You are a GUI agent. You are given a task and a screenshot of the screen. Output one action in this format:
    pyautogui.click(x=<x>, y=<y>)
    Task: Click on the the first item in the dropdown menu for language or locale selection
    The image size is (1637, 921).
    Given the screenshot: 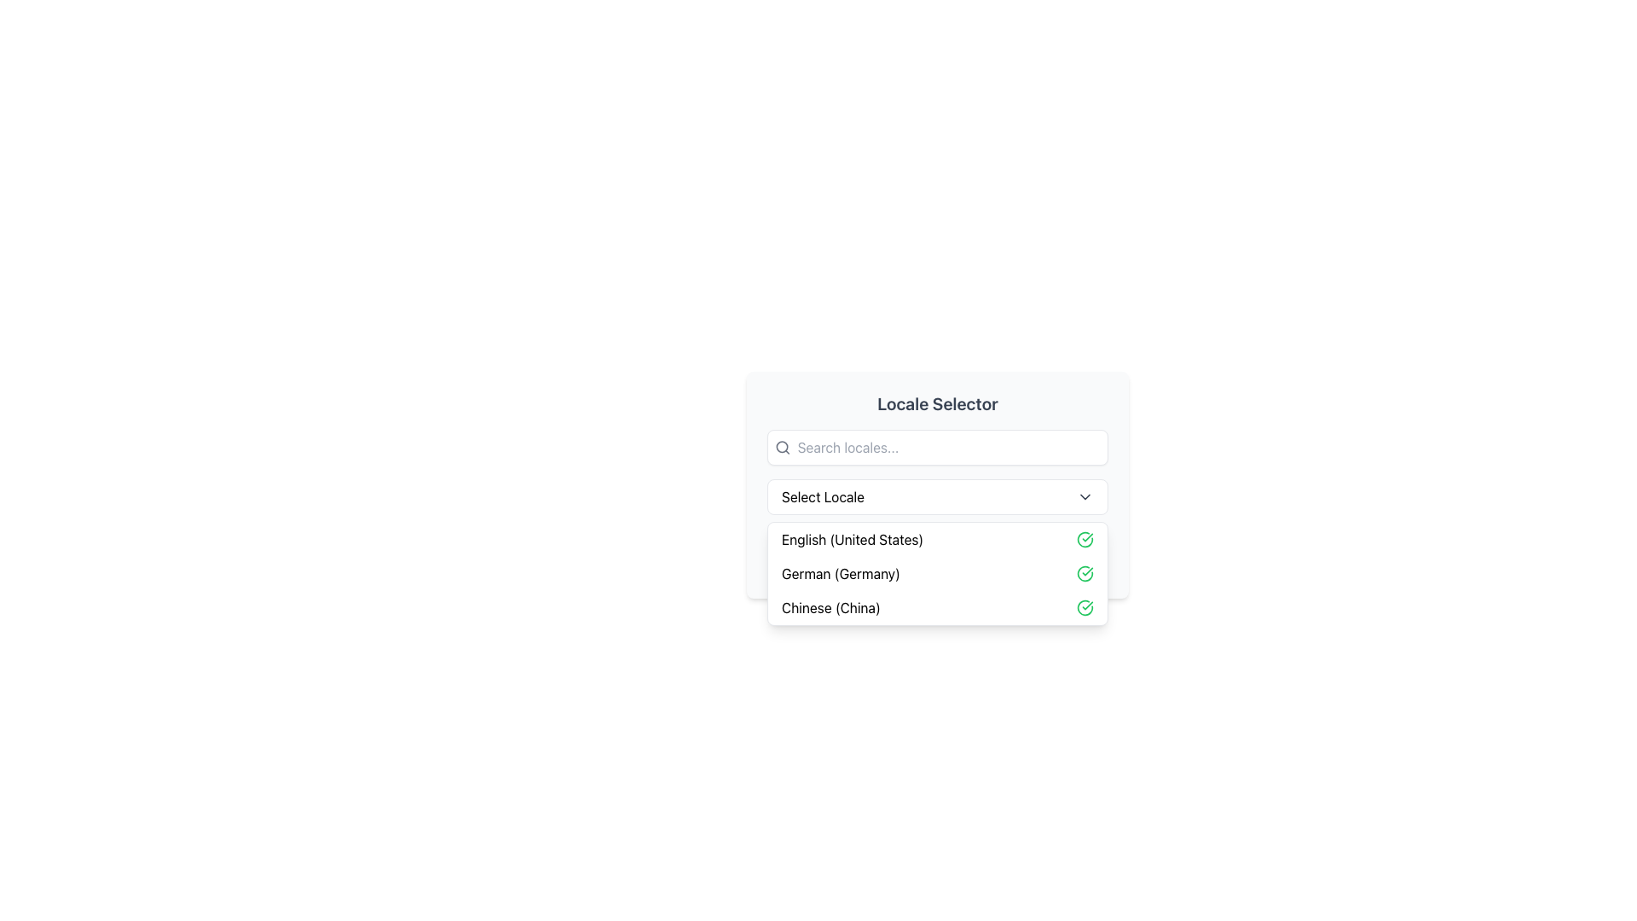 What is the action you would take?
    pyautogui.click(x=852, y=539)
    